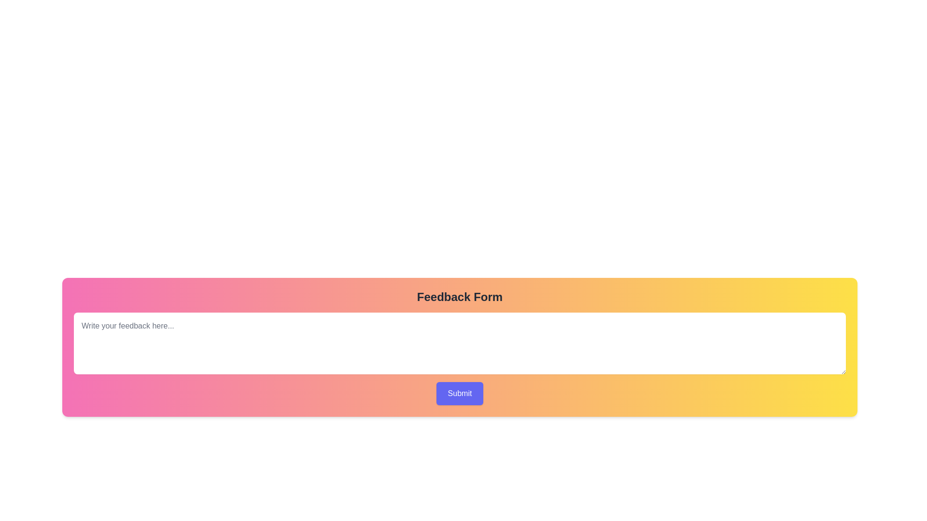 This screenshot has width=927, height=521. I want to click on the submit button located at the bottom center of the 'Feedback Form' to observe the hover effect, so click(459, 394).